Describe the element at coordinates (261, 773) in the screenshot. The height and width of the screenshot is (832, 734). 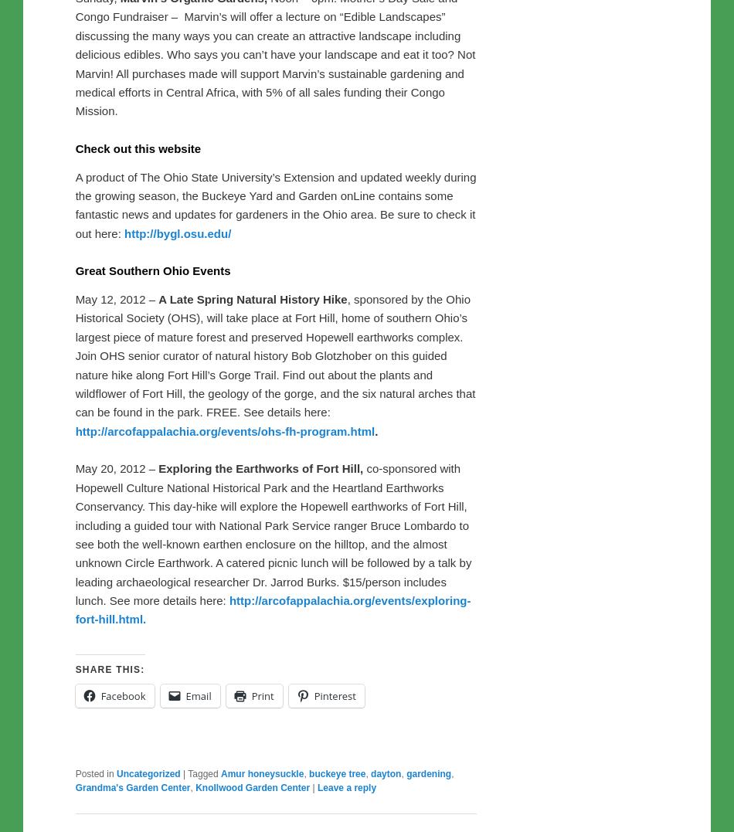
I see `'Amur honeysuckle'` at that location.